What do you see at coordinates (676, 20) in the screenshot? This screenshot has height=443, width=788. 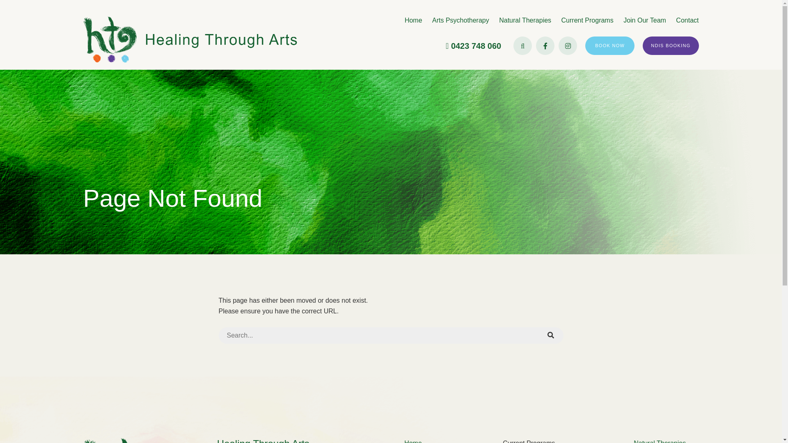 I see `'Contact'` at bounding box center [676, 20].